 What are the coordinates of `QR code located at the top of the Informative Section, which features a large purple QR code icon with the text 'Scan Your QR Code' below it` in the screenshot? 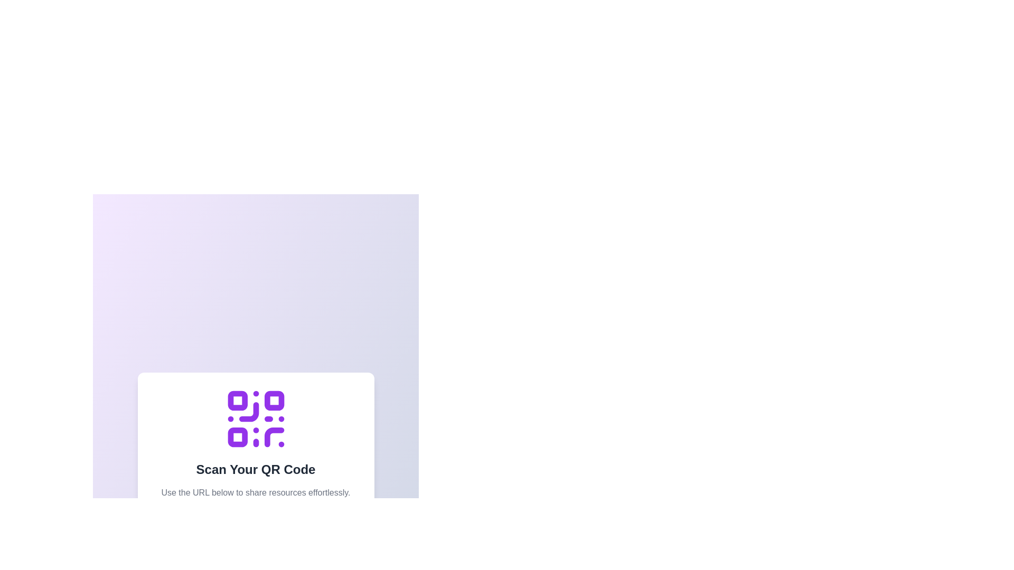 It's located at (256, 442).